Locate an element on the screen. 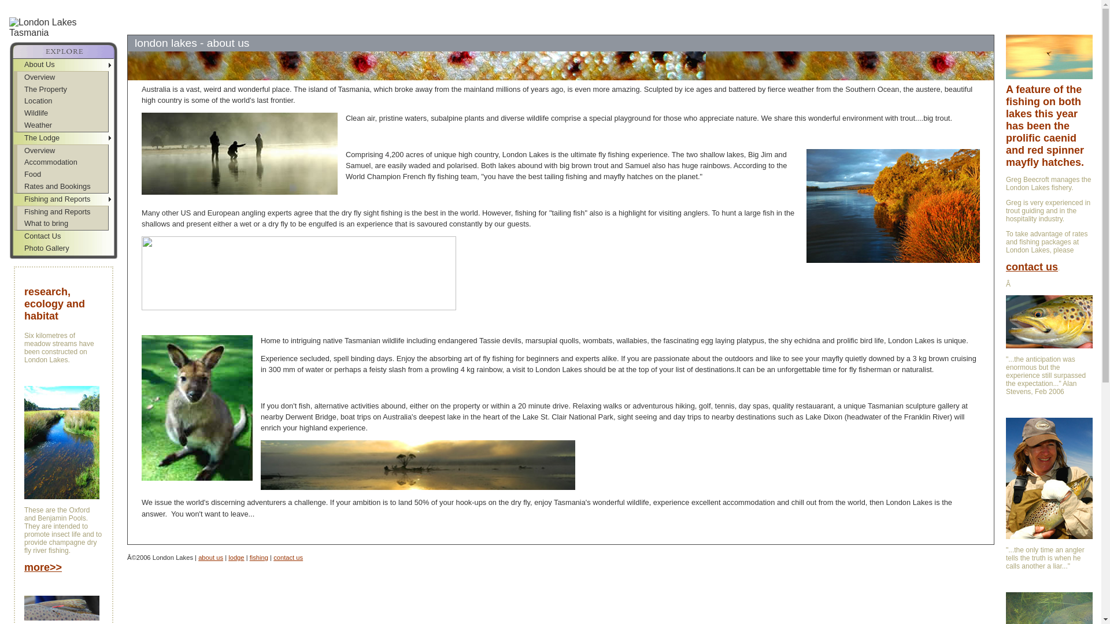 The height and width of the screenshot is (624, 1110). 'Location' is located at coordinates (62, 101).